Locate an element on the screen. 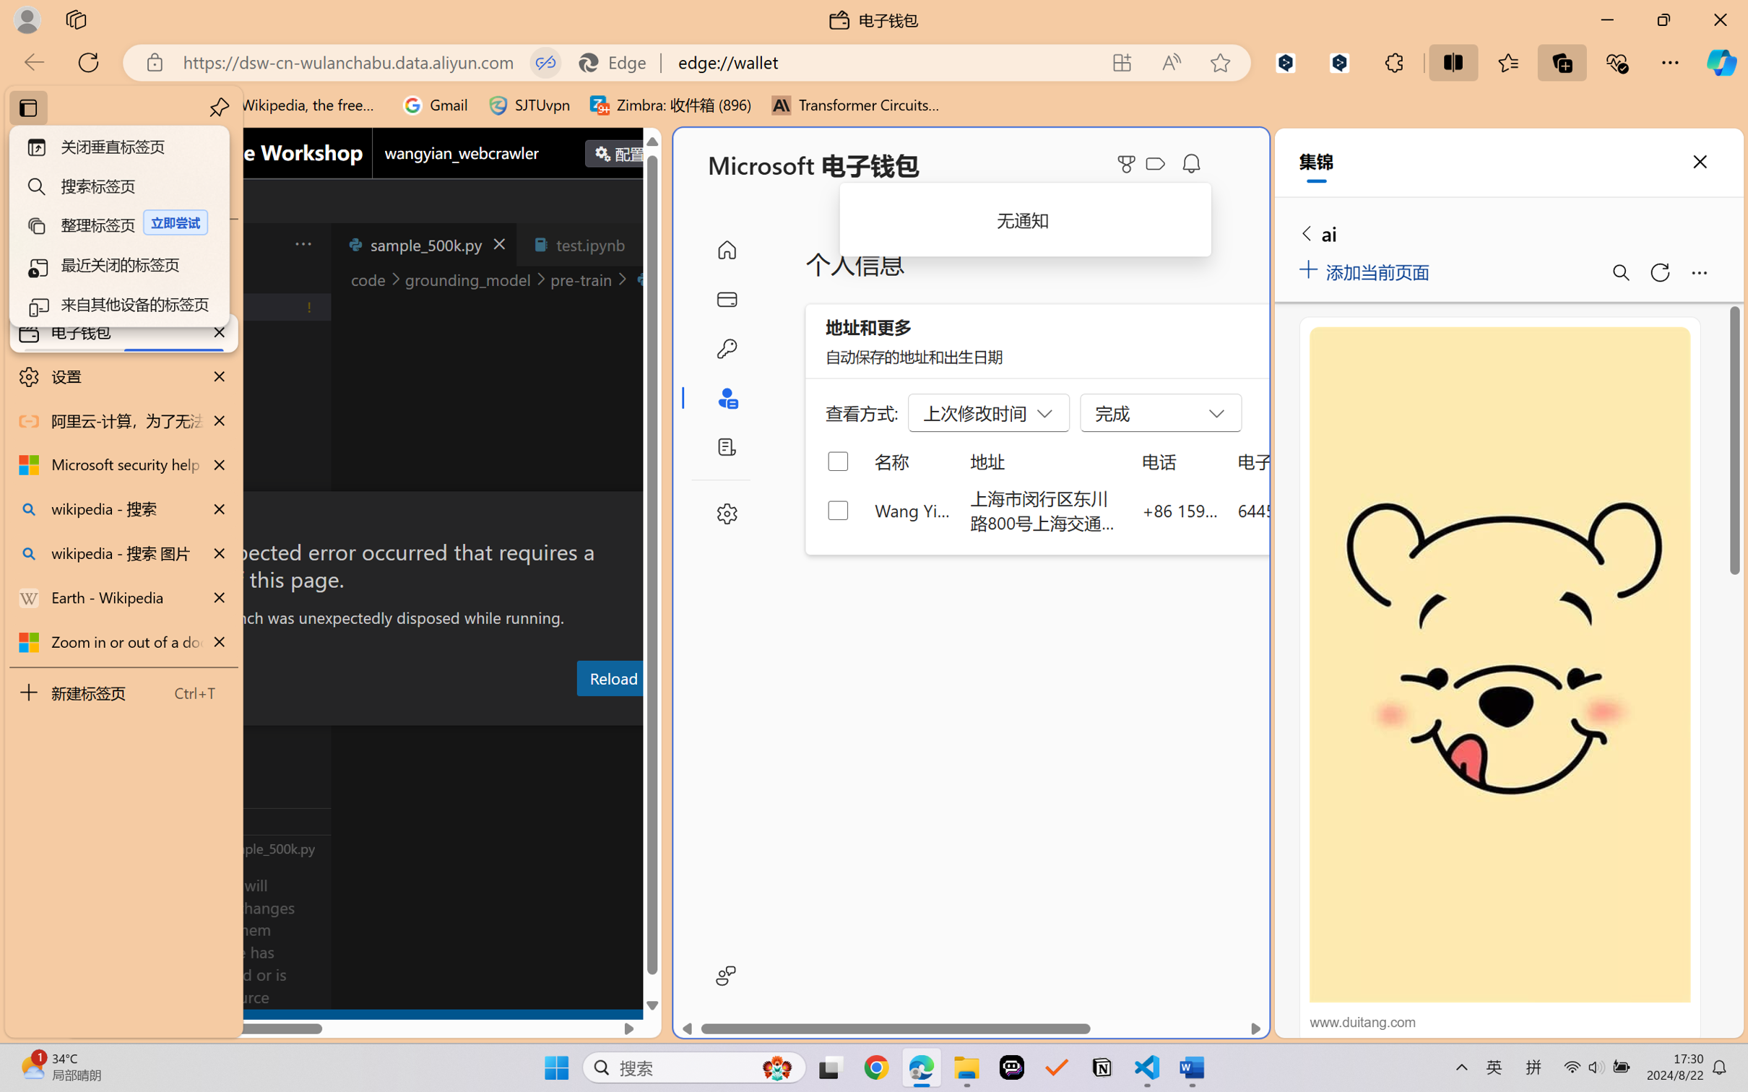 The height and width of the screenshot is (1092, 1748). 'sample_500k.py' is located at coordinates (423, 243).